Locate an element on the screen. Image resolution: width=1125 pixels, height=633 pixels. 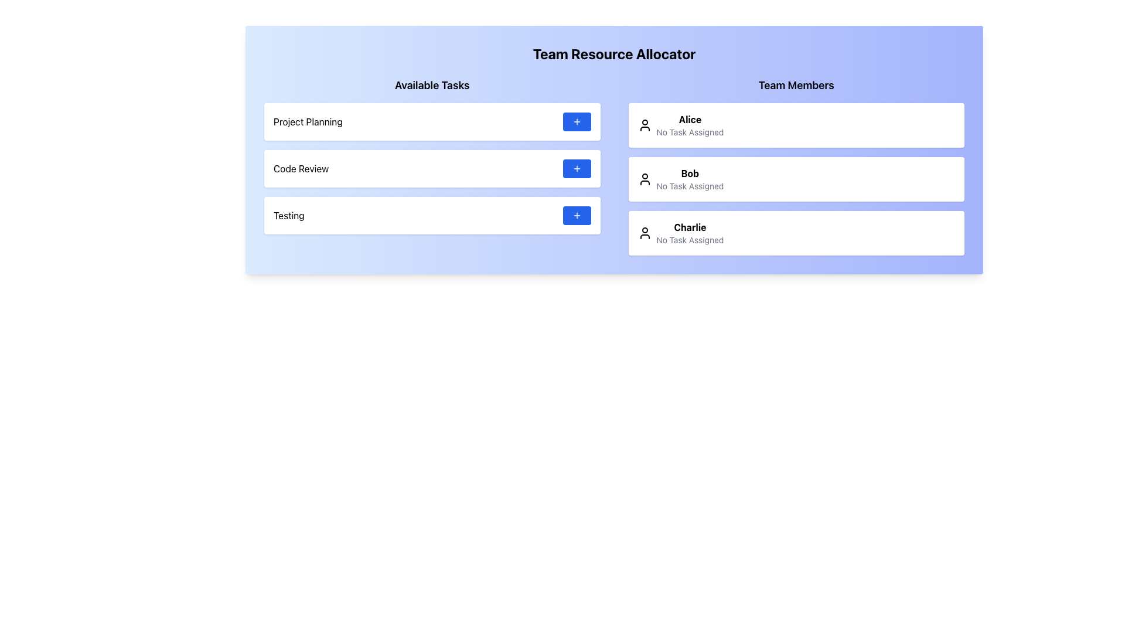
the third informational card representing a team member's information in the resource allocation interface, located under the 'Team Members' section is located at coordinates (796, 233).